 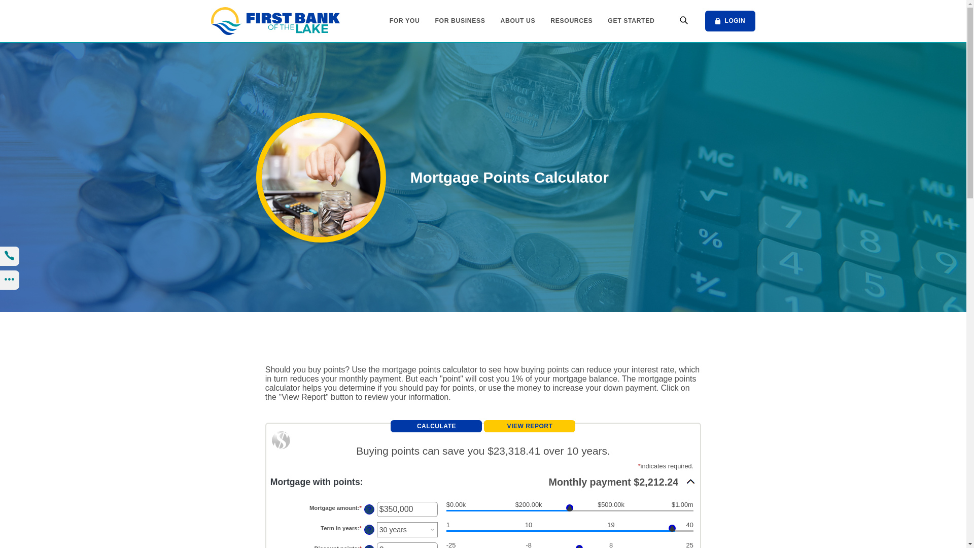 I want to click on 'First Bank of the Lake, Osage Beach, MO', so click(x=275, y=21).